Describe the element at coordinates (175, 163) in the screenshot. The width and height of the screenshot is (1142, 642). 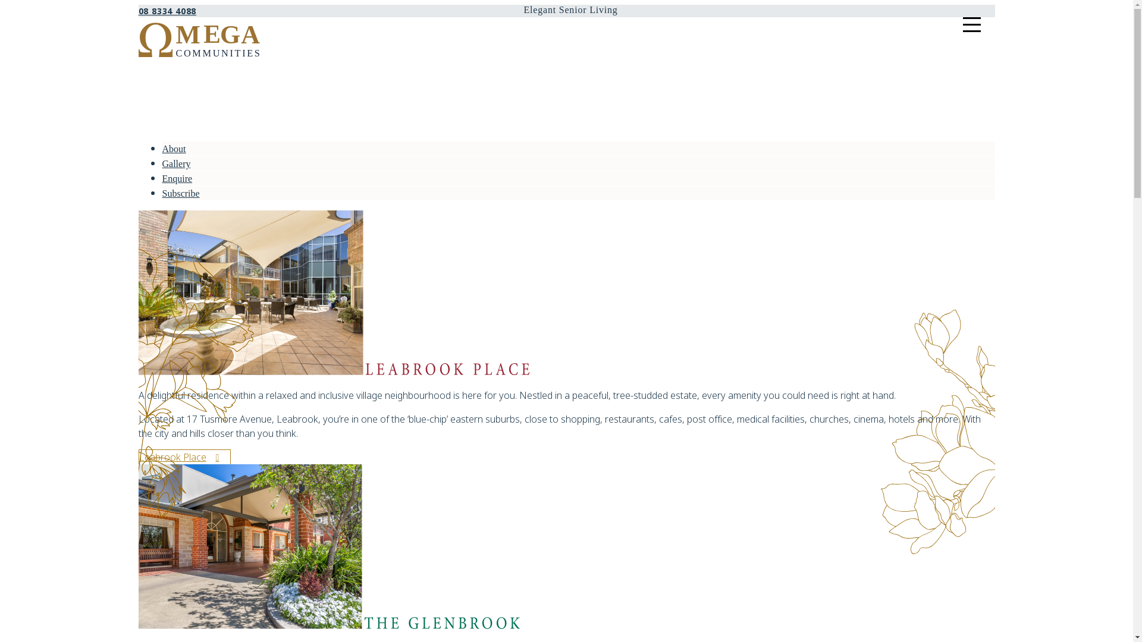
I see `'Gallery'` at that location.